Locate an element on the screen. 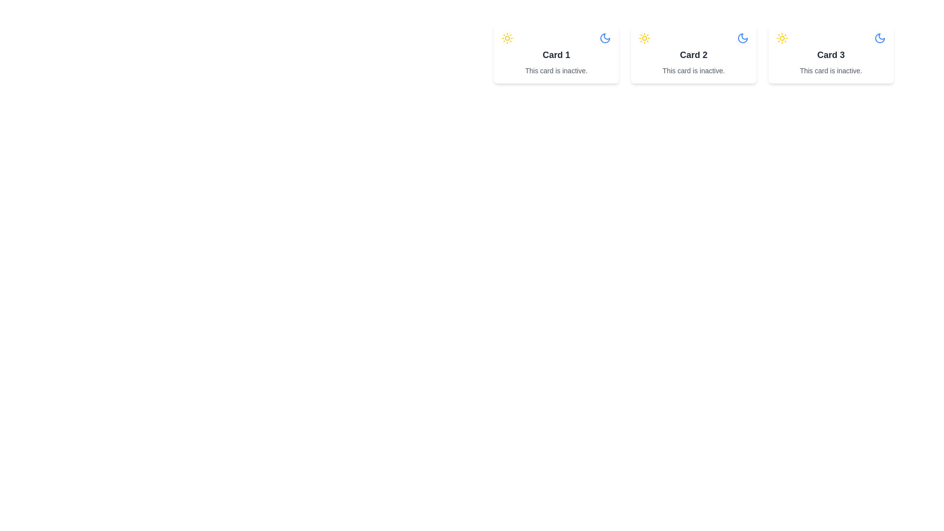  the text label that serves as the title for the second card, positioned in a horizontal series of card headers, located slightly below the icons and above the description text 'This card is inactive.' is located at coordinates (693, 55).